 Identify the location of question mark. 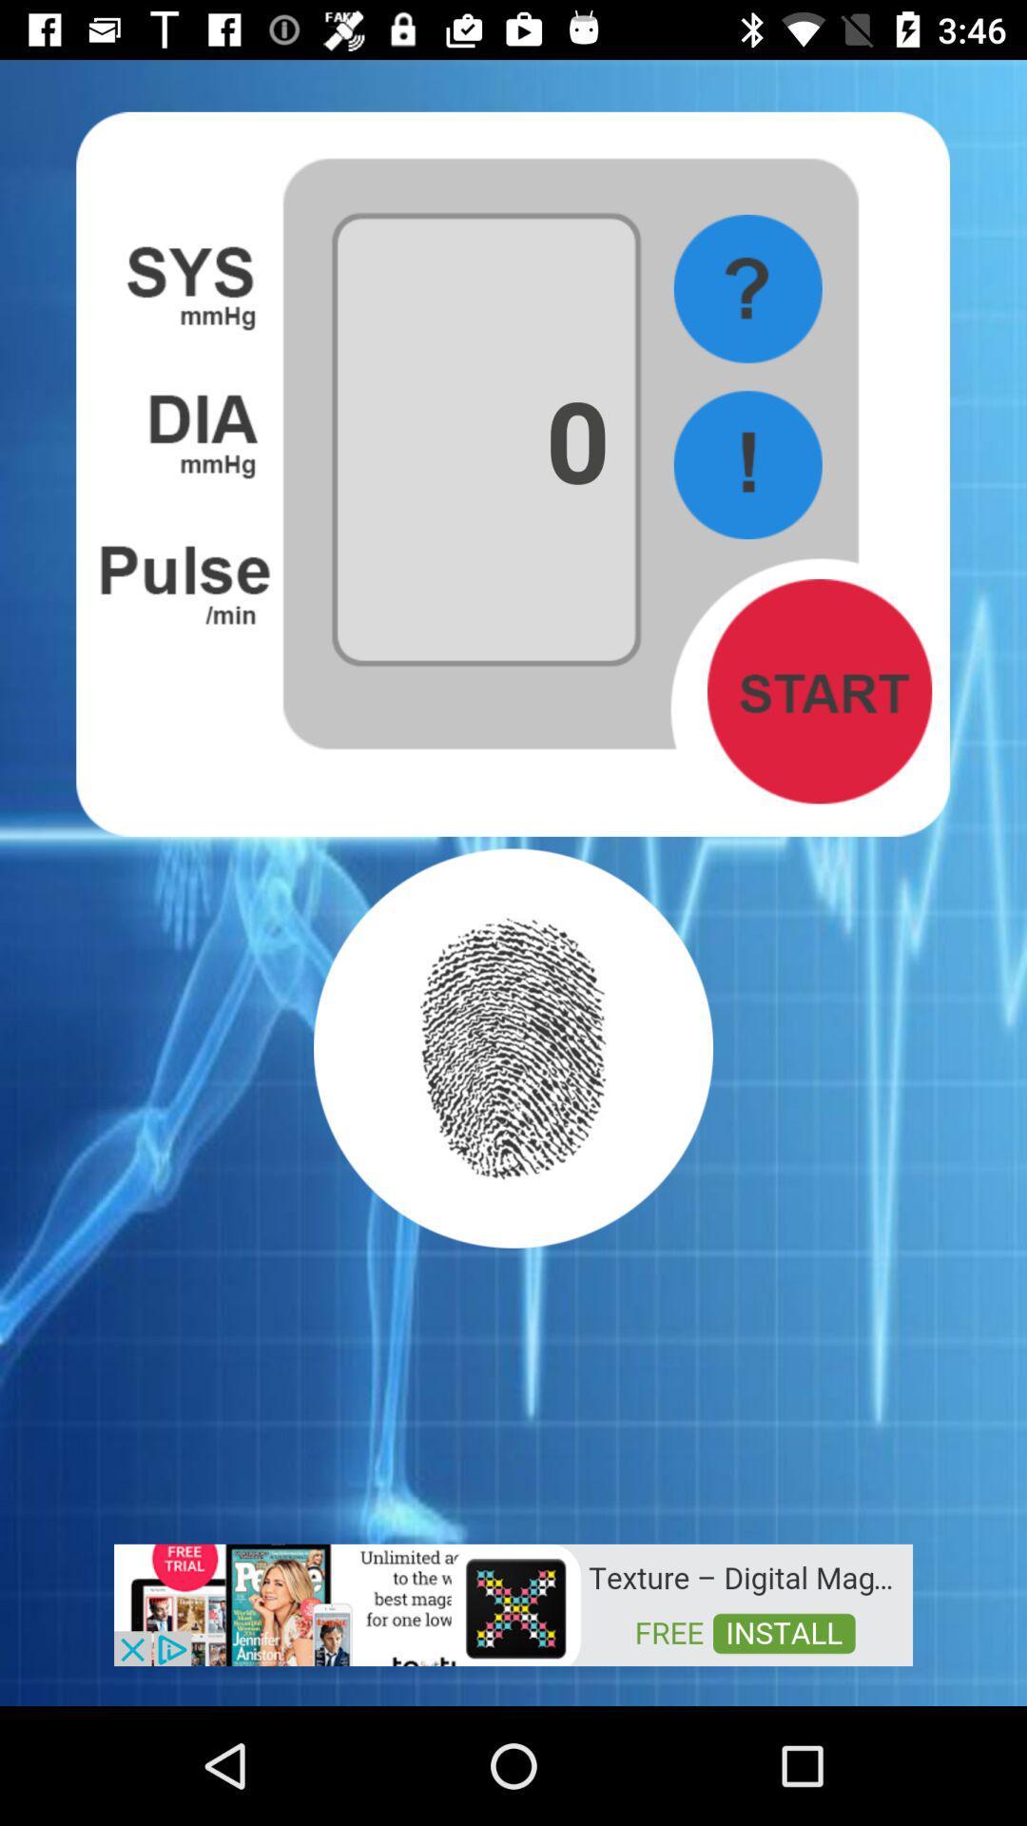
(746, 288).